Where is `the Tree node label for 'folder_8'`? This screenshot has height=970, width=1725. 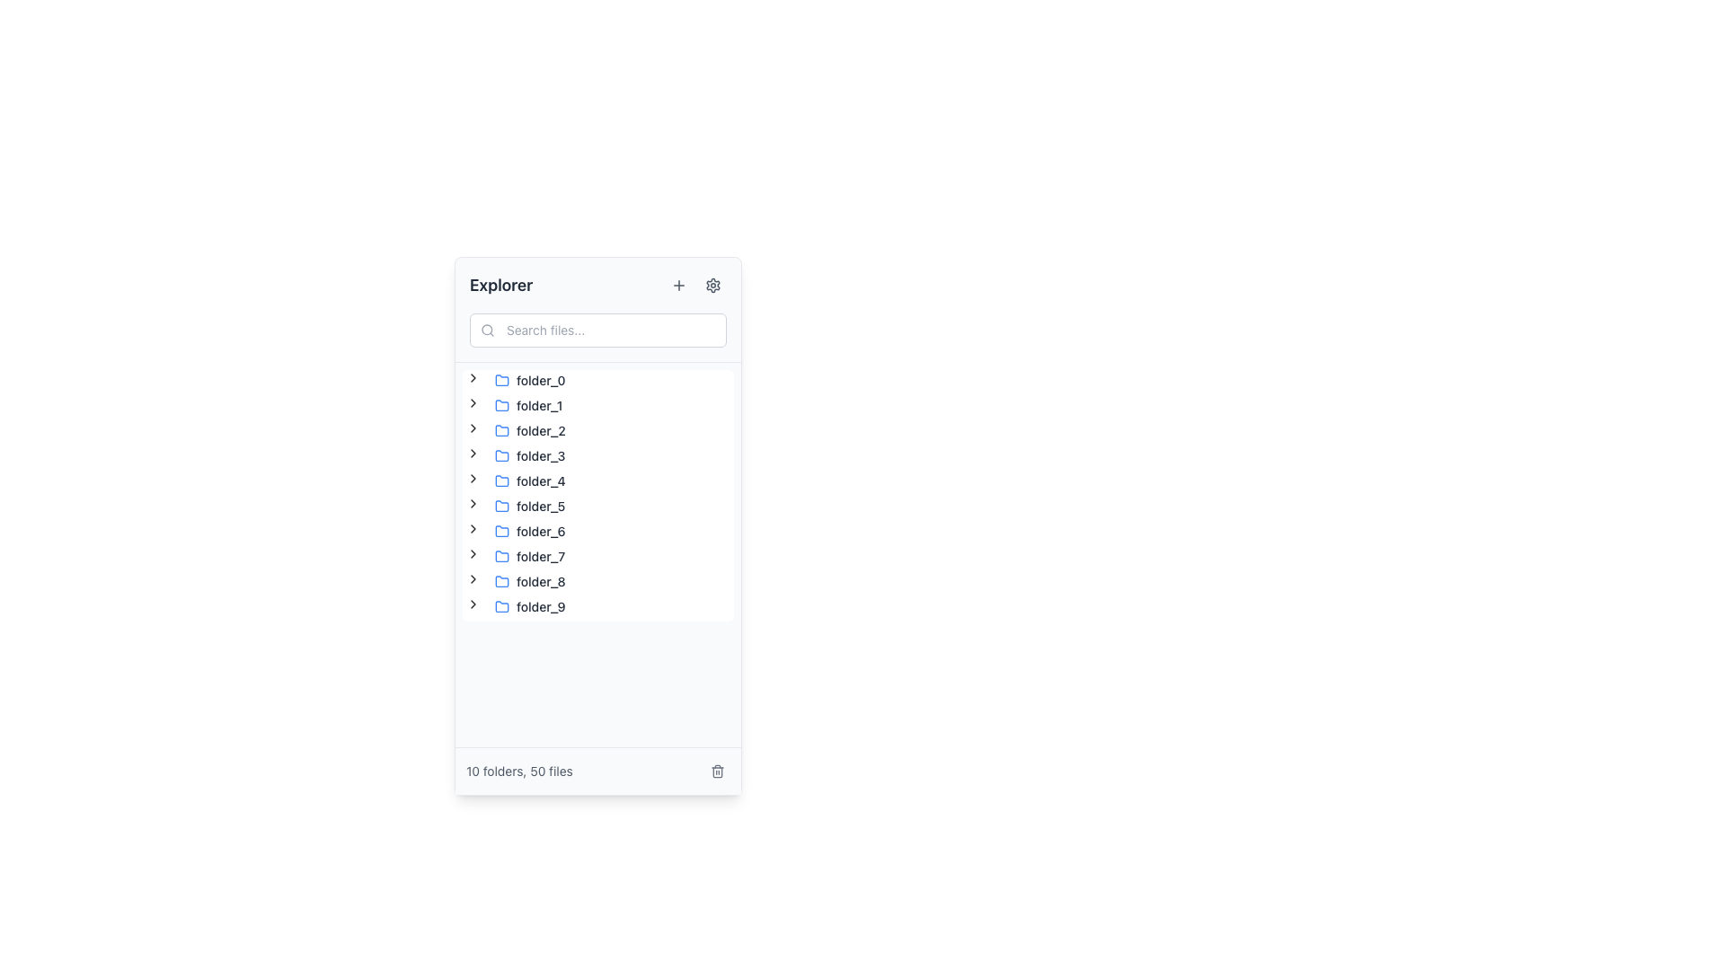 the Tree node label for 'folder_8' is located at coordinates (529, 582).